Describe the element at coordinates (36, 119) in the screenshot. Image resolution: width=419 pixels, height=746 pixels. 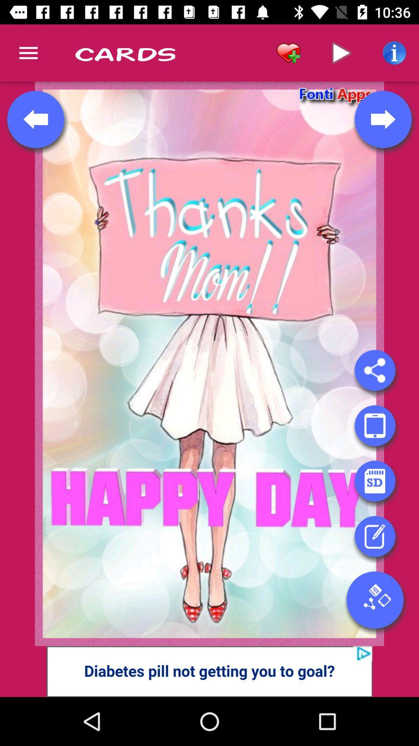
I see `the arrow_backward icon` at that location.